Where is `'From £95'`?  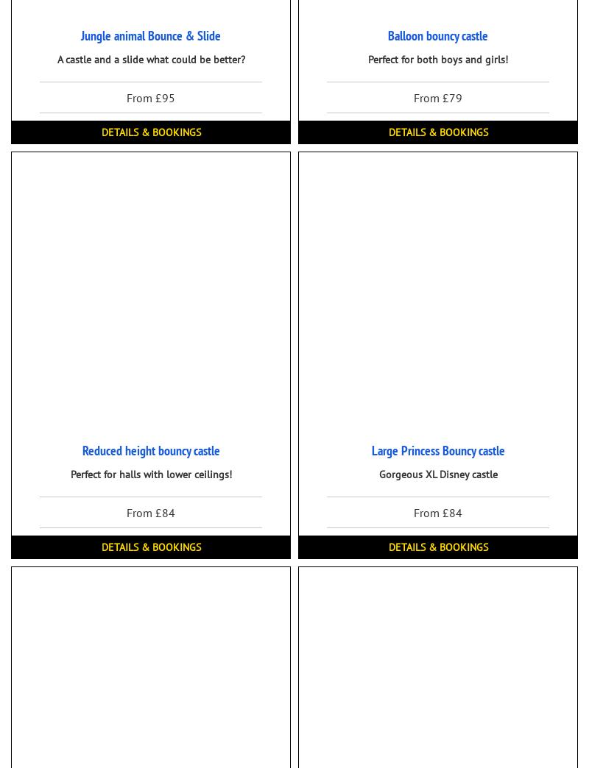 'From £95' is located at coordinates (126, 96).